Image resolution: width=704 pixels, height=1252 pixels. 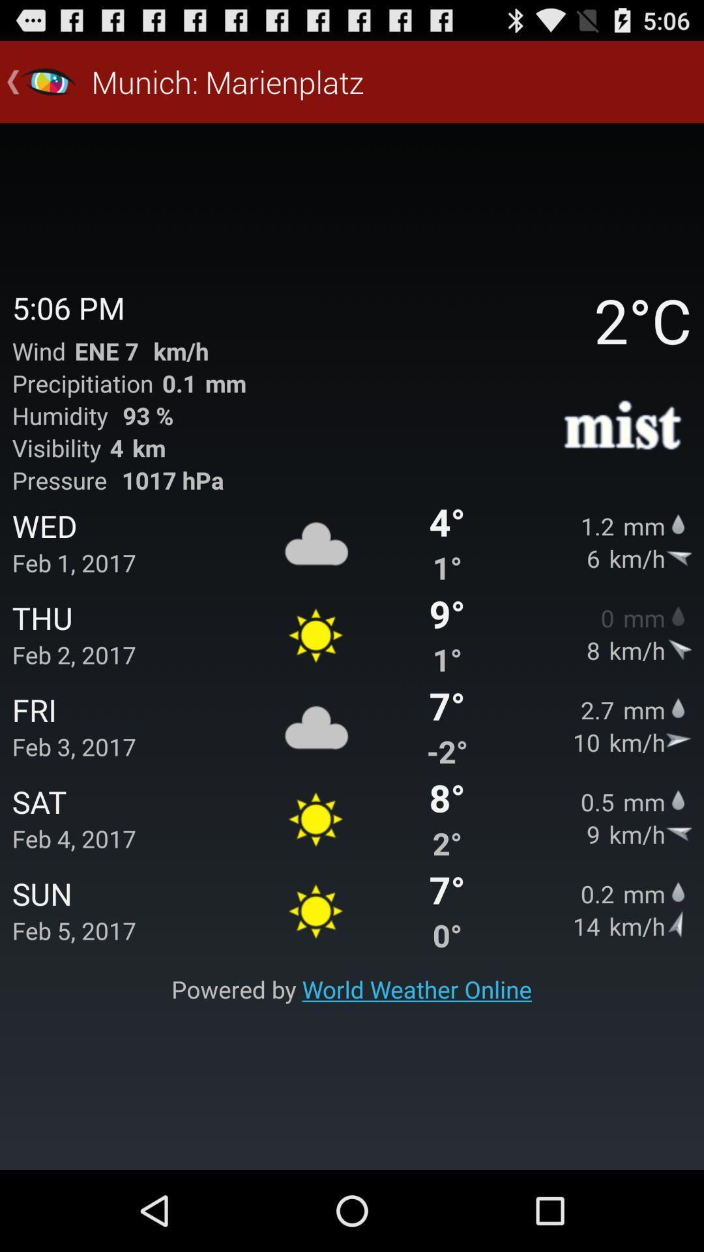 I want to click on the icon which is next to the 12 mm, so click(x=678, y=523).